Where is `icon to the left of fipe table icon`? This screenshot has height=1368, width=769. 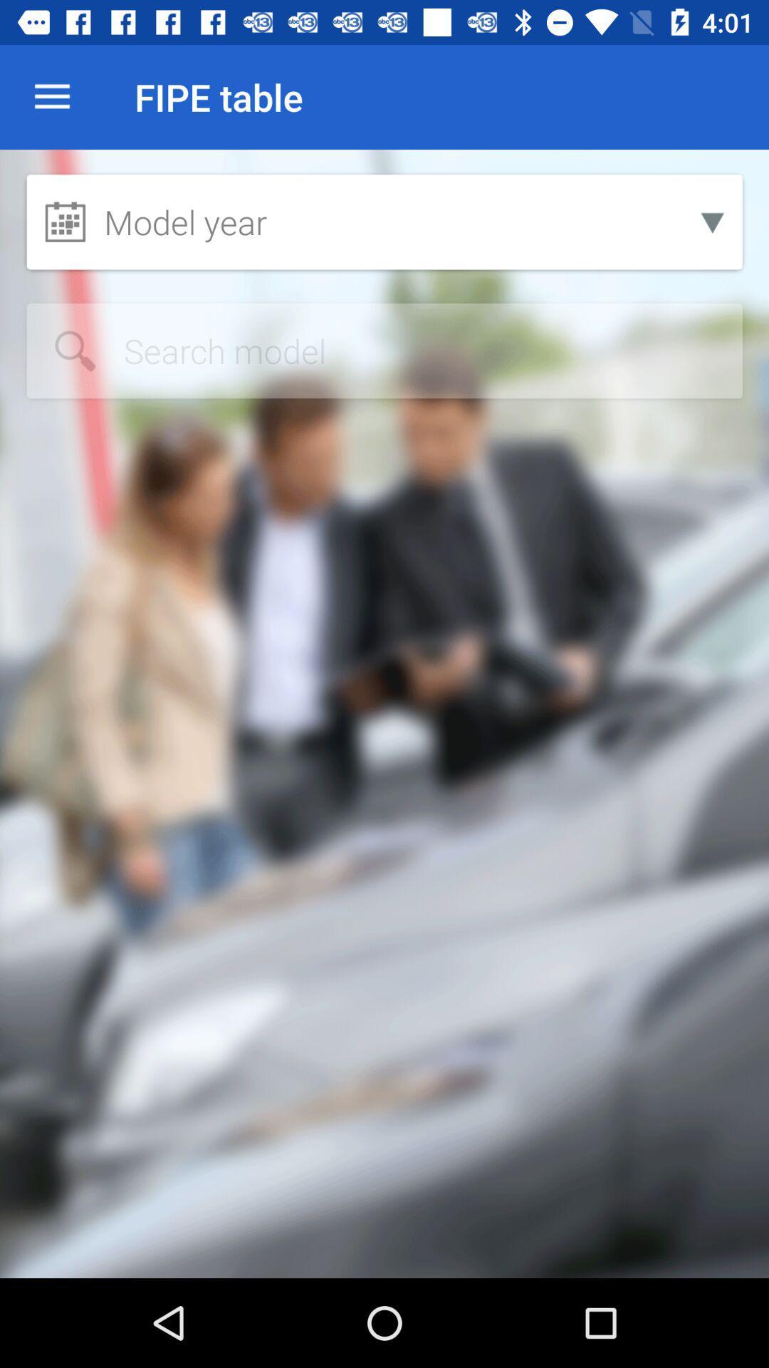
icon to the left of fipe table icon is located at coordinates (51, 96).